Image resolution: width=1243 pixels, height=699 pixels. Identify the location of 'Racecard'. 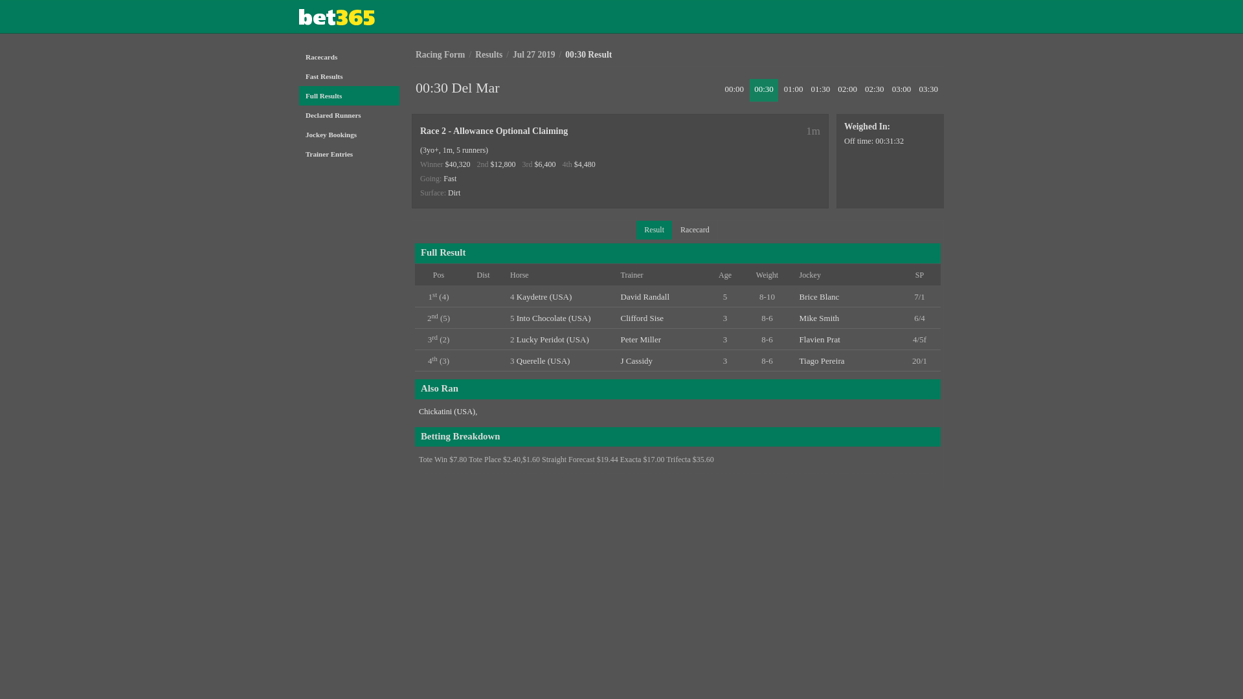
(672, 229).